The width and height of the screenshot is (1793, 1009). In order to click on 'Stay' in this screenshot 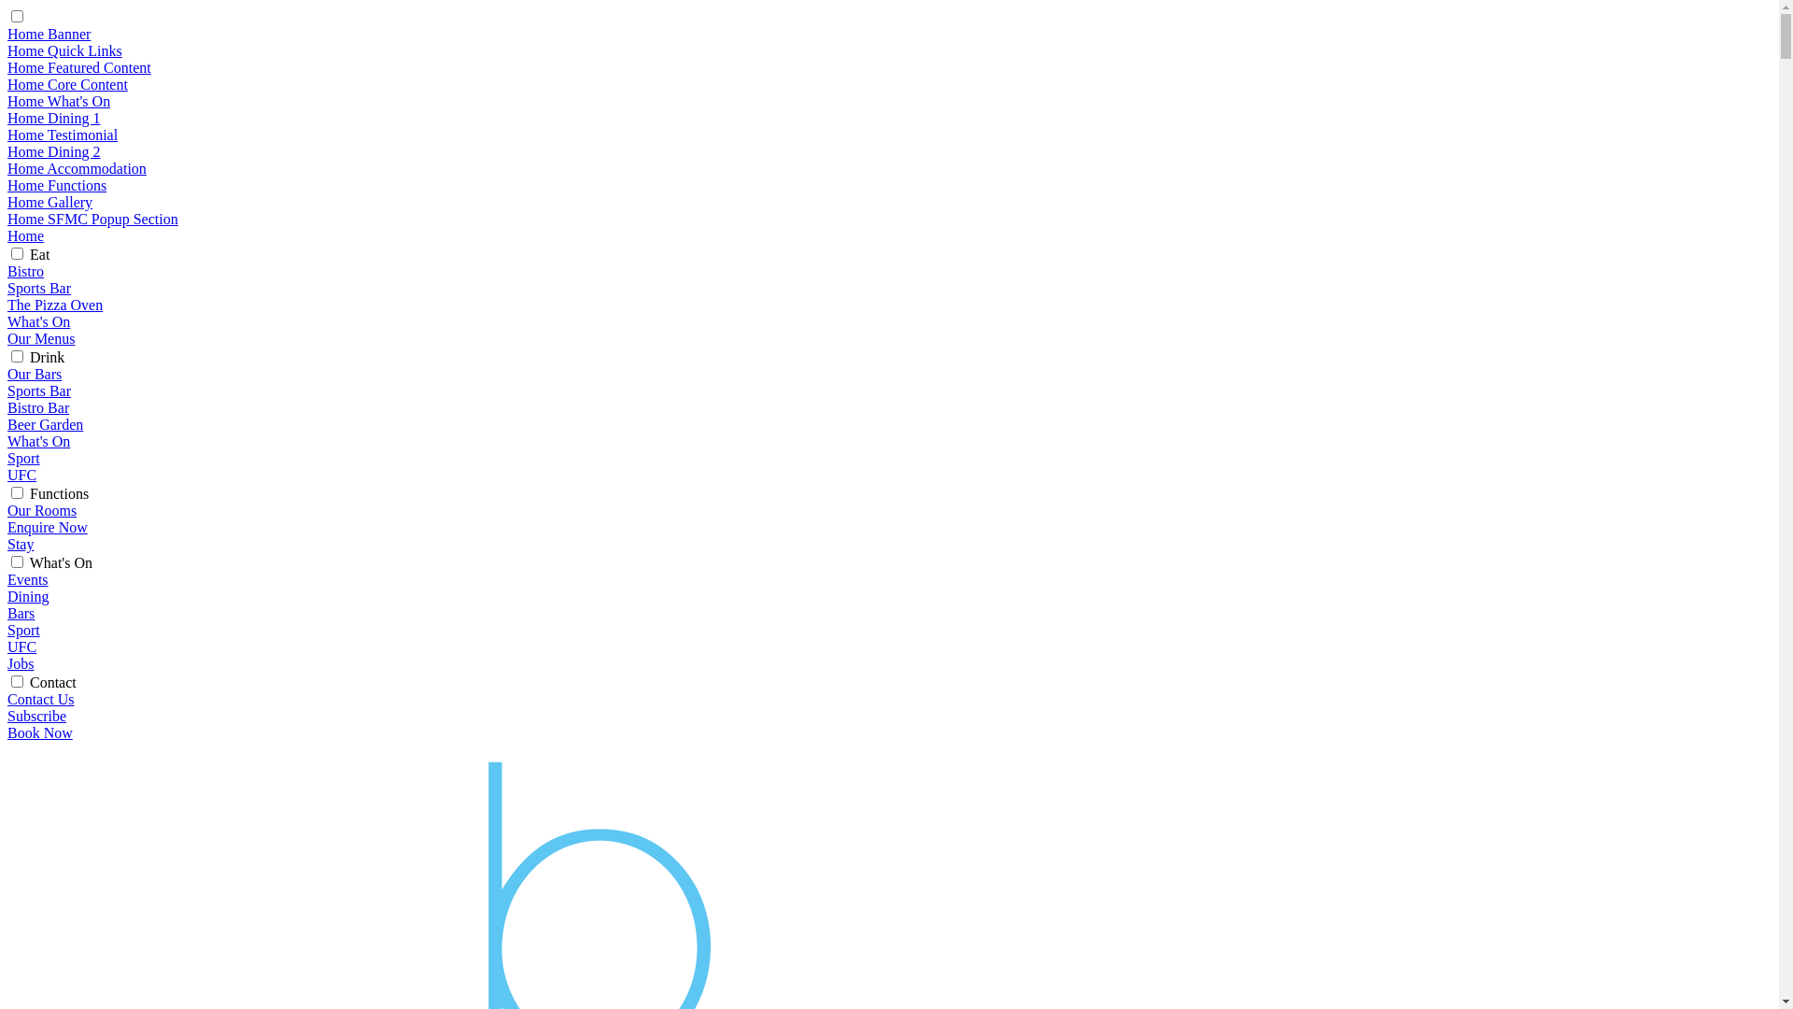, I will do `click(21, 544)`.